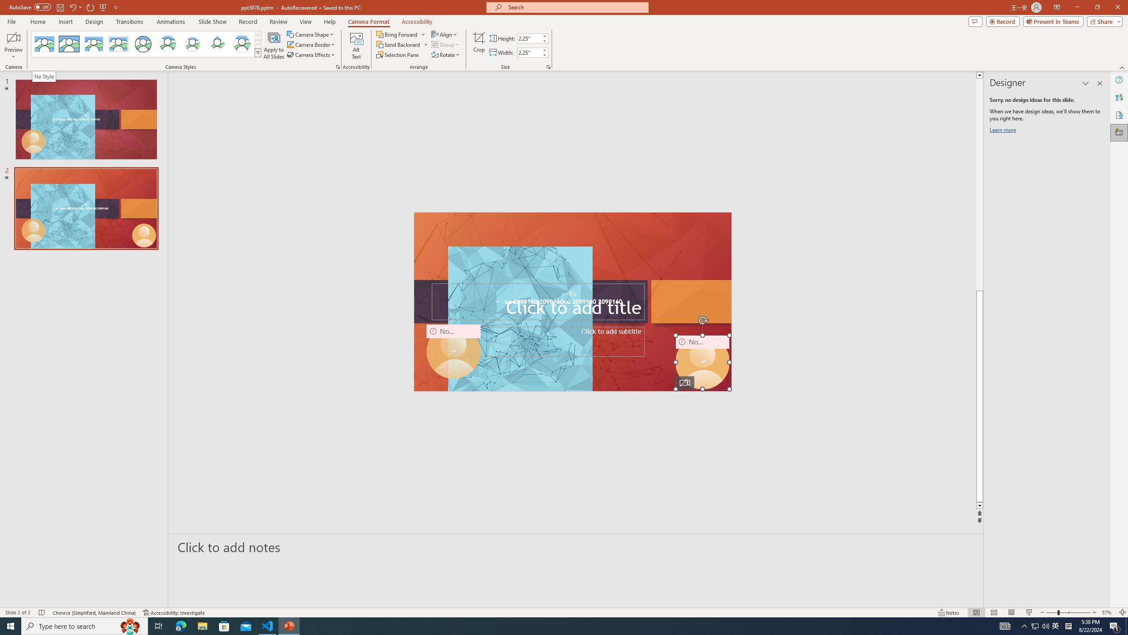 Image resolution: width=1128 pixels, height=635 pixels. I want to click on 'Selection Pane...', so click(397, 54).